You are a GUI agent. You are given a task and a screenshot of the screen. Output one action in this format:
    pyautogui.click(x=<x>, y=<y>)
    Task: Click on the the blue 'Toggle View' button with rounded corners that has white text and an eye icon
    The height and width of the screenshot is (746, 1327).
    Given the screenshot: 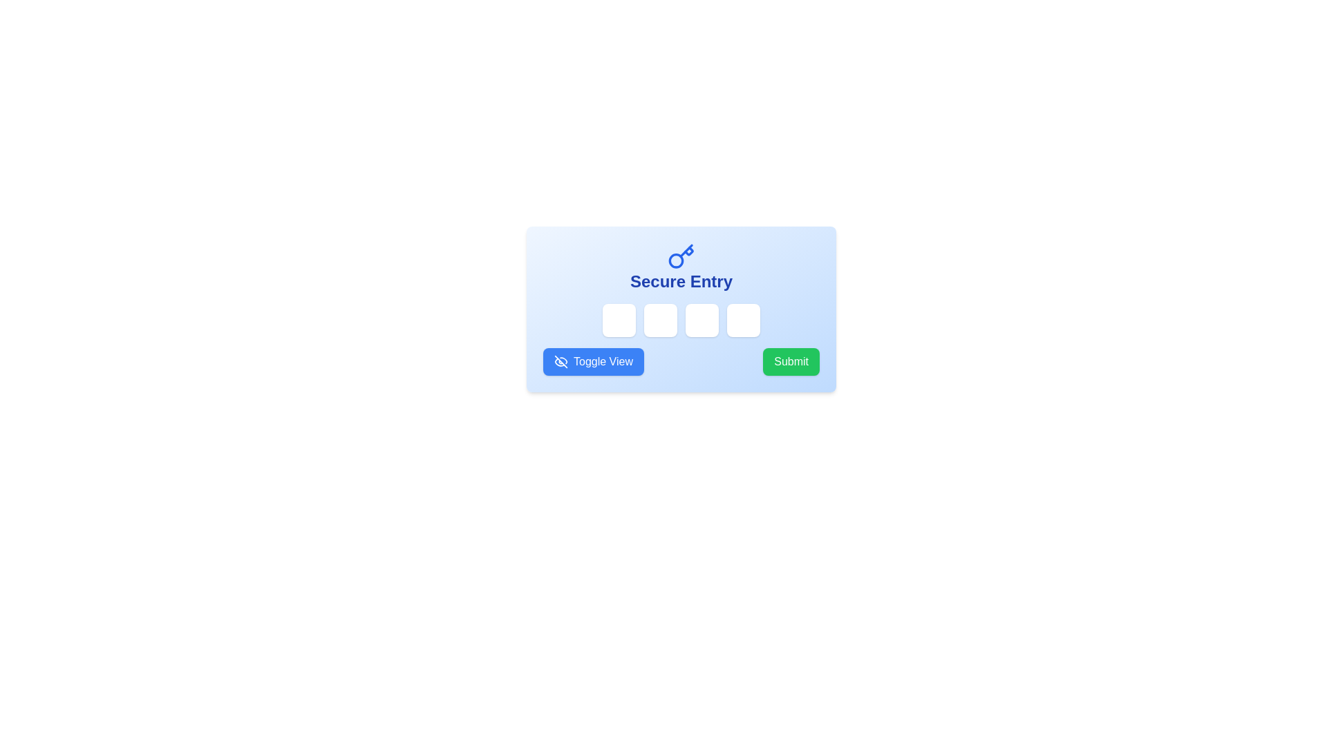 What is the action you would take?
    pyautogui.click(x=594, y=361)
    